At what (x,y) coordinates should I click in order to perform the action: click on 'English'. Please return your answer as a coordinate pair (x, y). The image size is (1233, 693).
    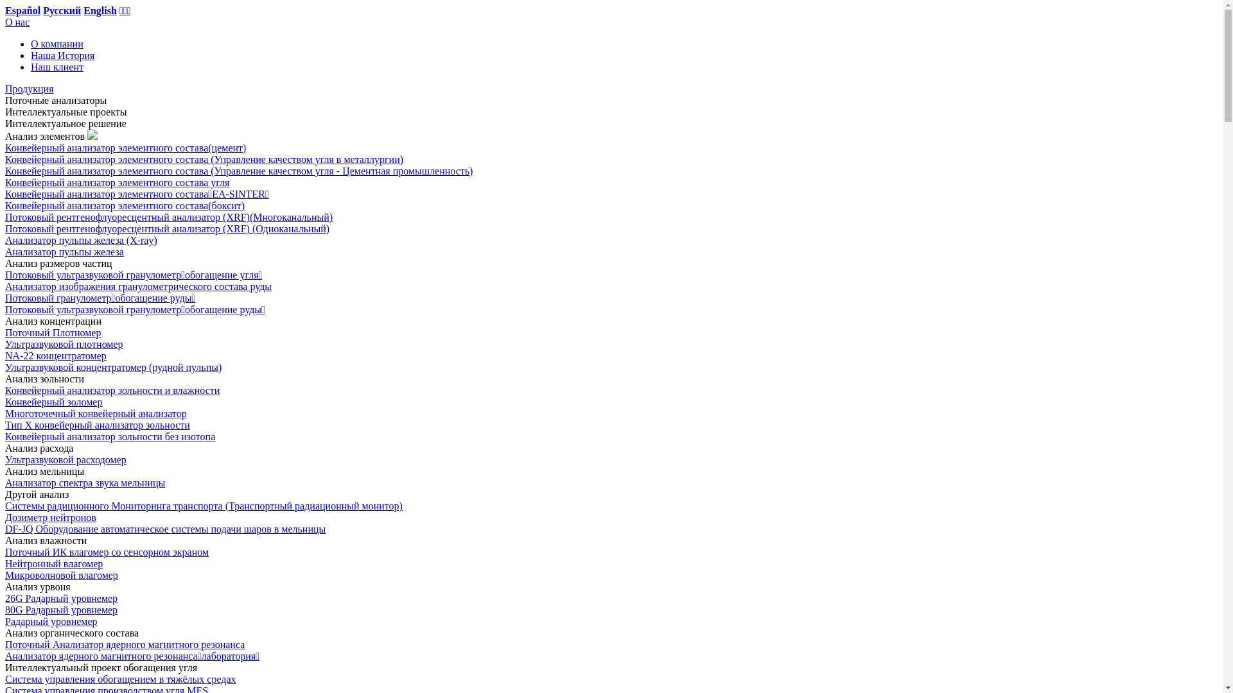
    Looking at the image, I should click on (99, 10).